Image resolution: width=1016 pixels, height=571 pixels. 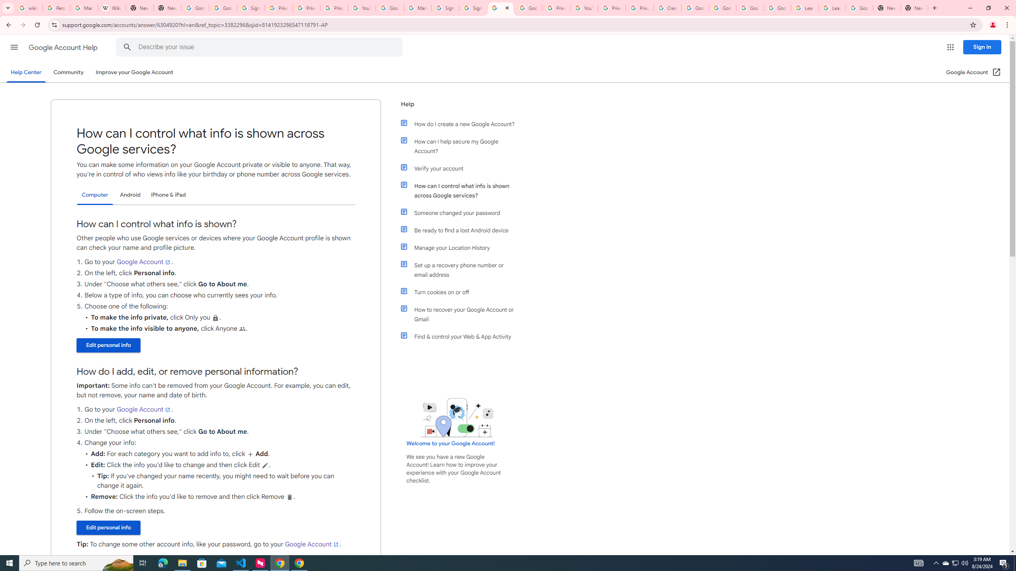 I want to click on 'People', so click(x=242, y=328).